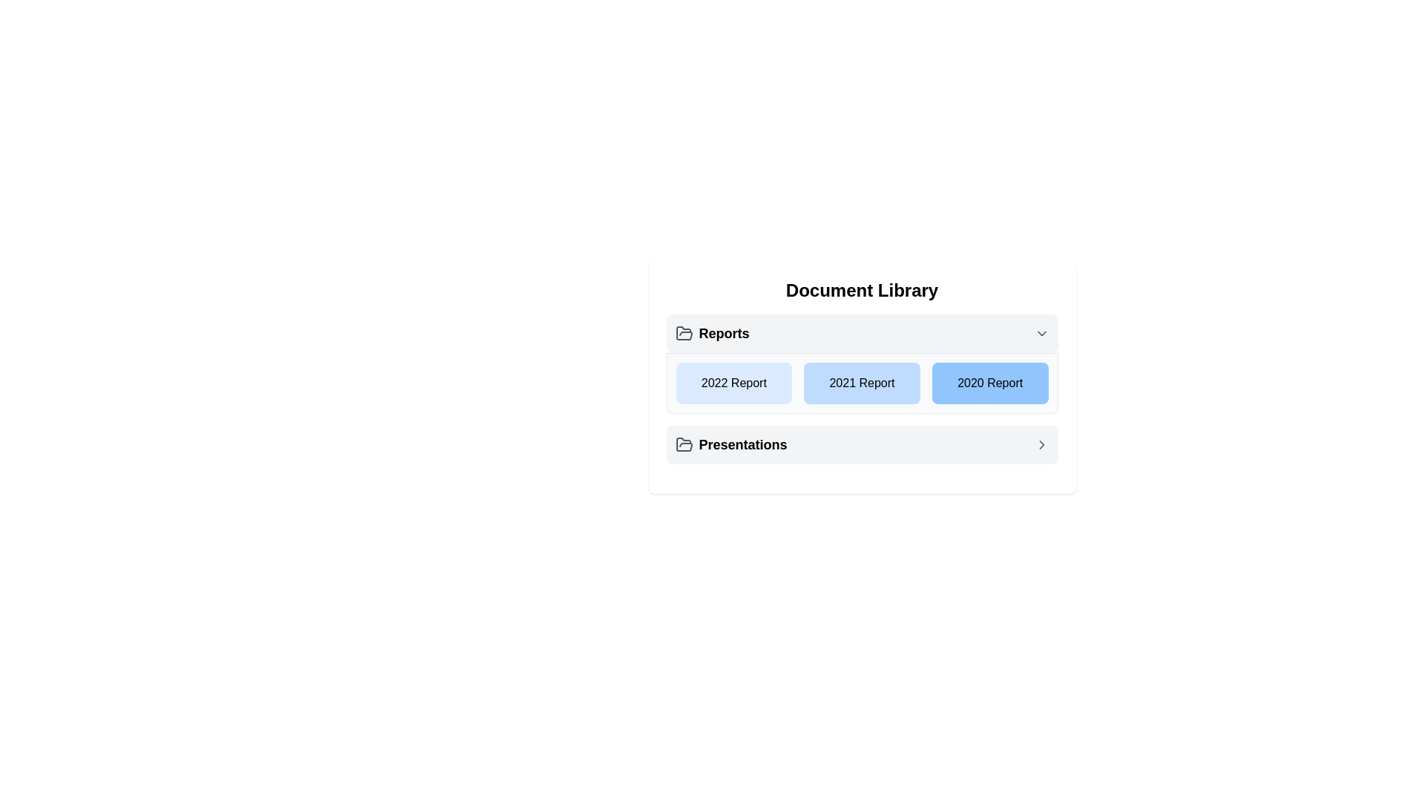  What do you see at coordinates (1041, 334) in the screenshot?
I see `the small downward-facing chevron icon located at the right side of the 'Reports' section header in the Document Library interface` at bounding box center [1041, 334].